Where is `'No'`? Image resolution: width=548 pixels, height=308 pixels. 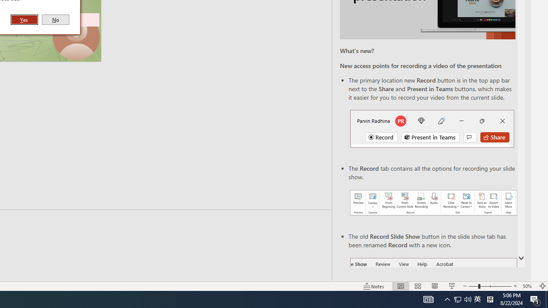 'No' is located at coordinates (55, 19).